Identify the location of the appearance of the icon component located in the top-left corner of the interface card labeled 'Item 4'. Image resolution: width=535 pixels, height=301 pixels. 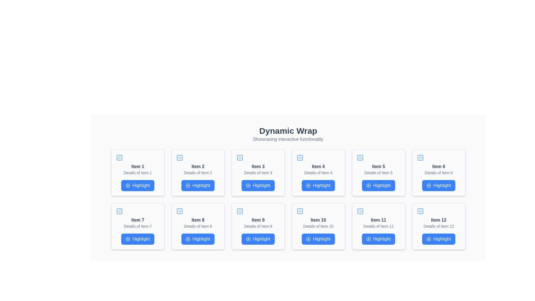
(300, 158).